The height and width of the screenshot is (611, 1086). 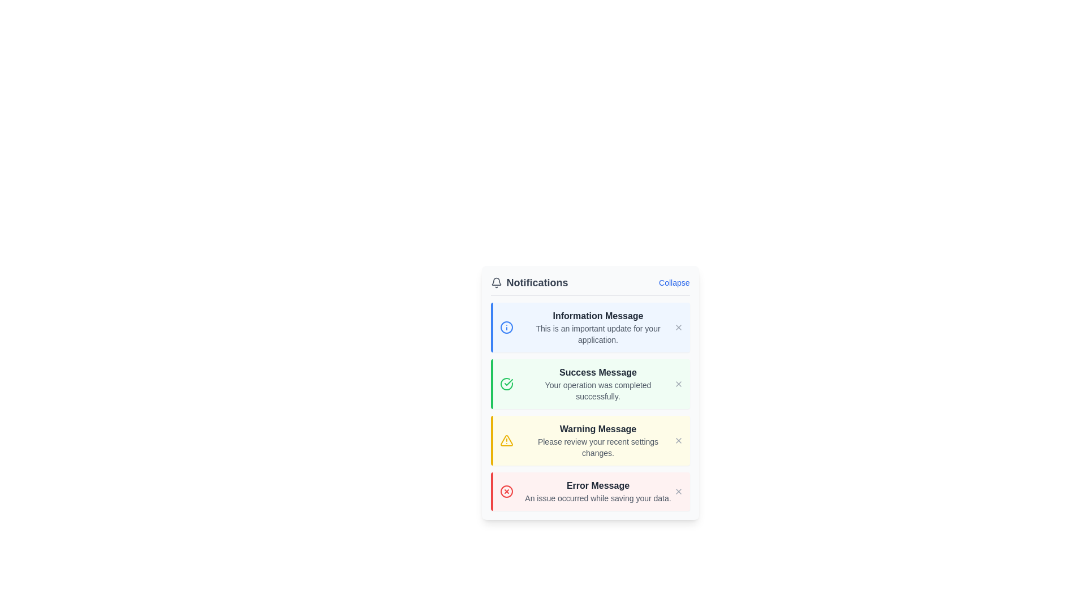 I want to click on the visual presence of the Notifications icon, which is located adjacent to the 'Notifications' text on the left side, so click(x=496, y=282).